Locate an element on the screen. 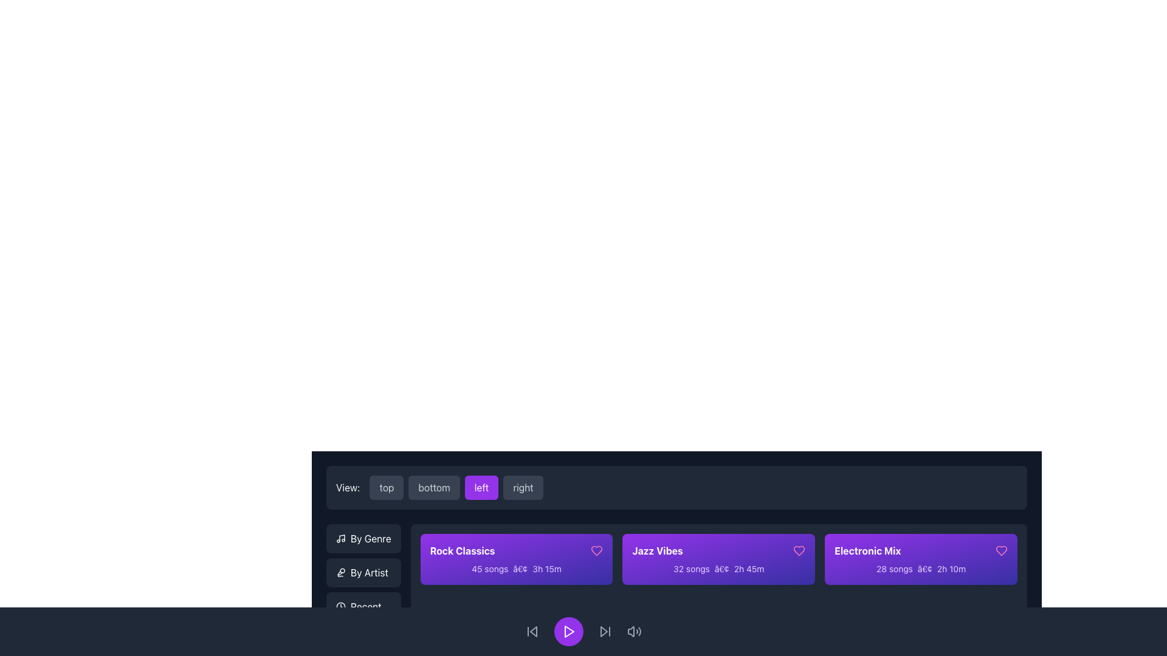  the 'left' button, the third button in a sequence of four buttons labeled 'top', 'bottom', 'left', and 'right', located in the header area to observe hover effects is located at coordinates (456, 487).